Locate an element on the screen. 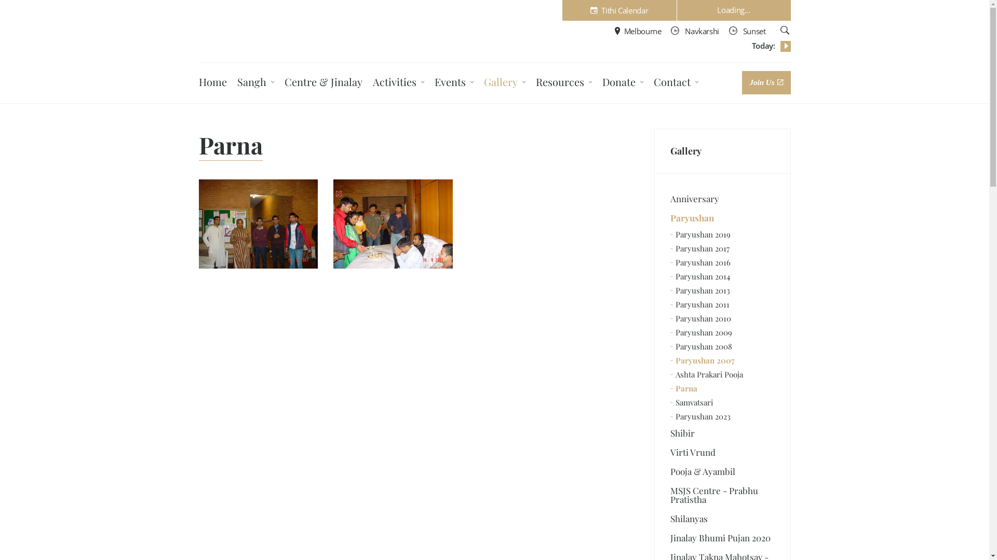 The height and width of the screenshot is (560, 997). 'Samvatsari' is located at coordinates (722, 402).